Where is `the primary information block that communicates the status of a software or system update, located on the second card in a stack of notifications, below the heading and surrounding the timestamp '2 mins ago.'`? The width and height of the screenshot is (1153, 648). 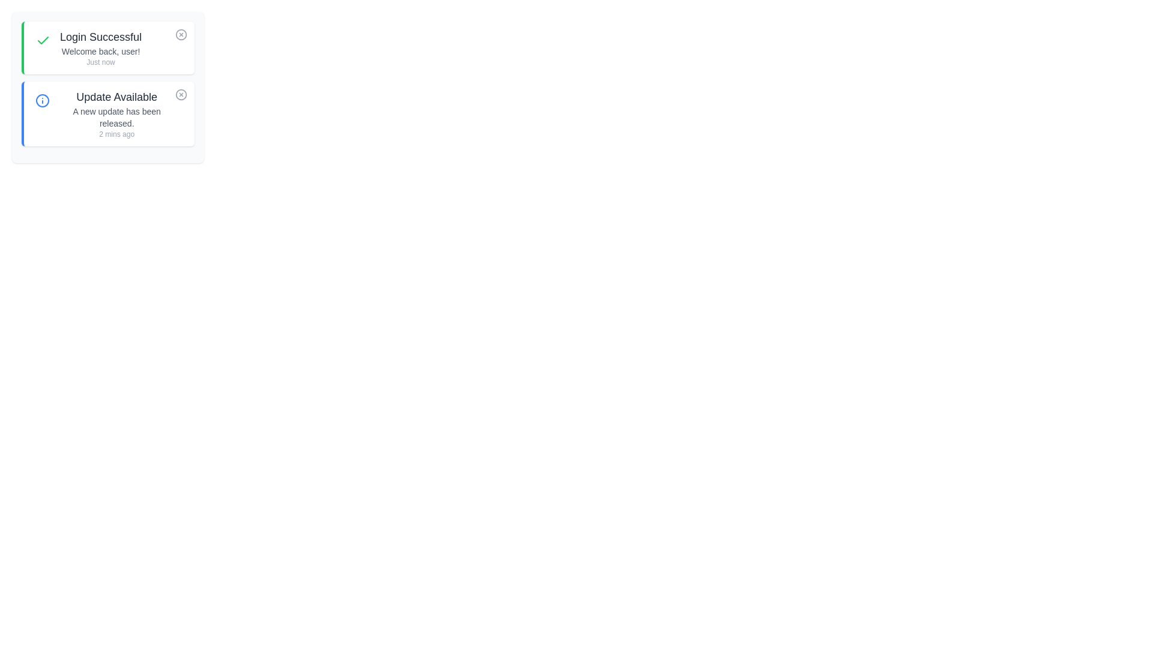 the primary information block that communicates the status of a software or system update, located on the second card in a stack of notifications, below the heading and surrounding the timestamp '2 mins ago.' is located at coordinates (117, 113).